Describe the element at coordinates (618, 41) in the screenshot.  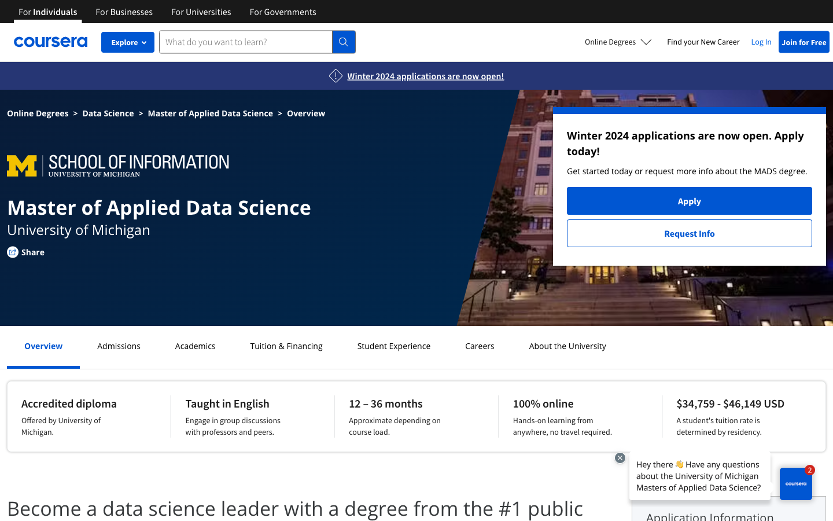
I see `Evaluate all distance education degree courses` at that location.